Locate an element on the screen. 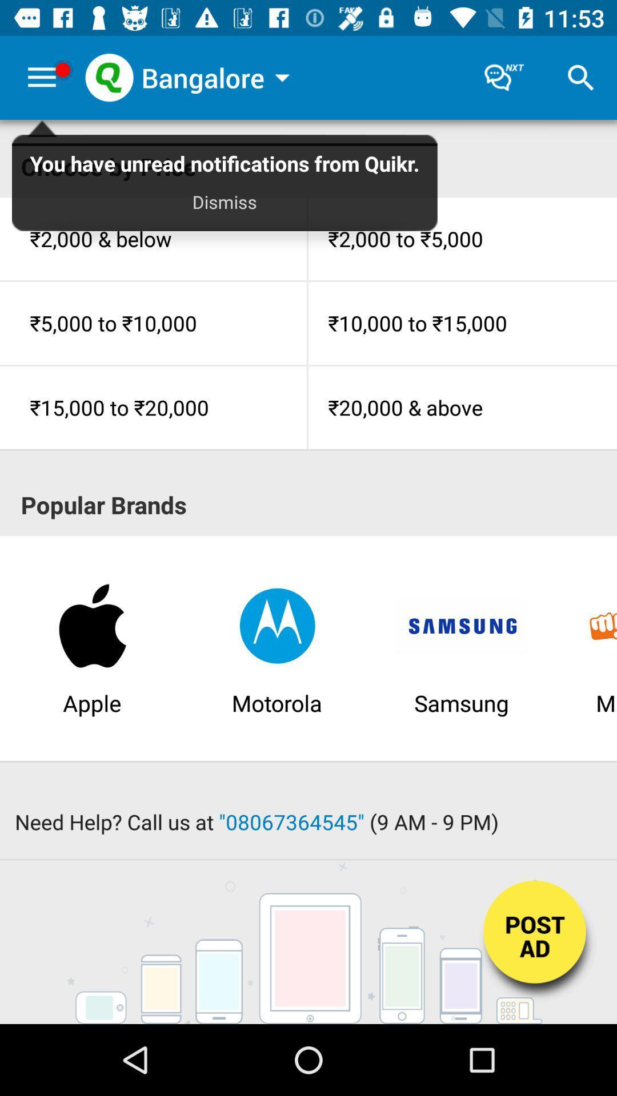 The image size is (617, 1096). post advertisement is located at coordinates (536, 943).